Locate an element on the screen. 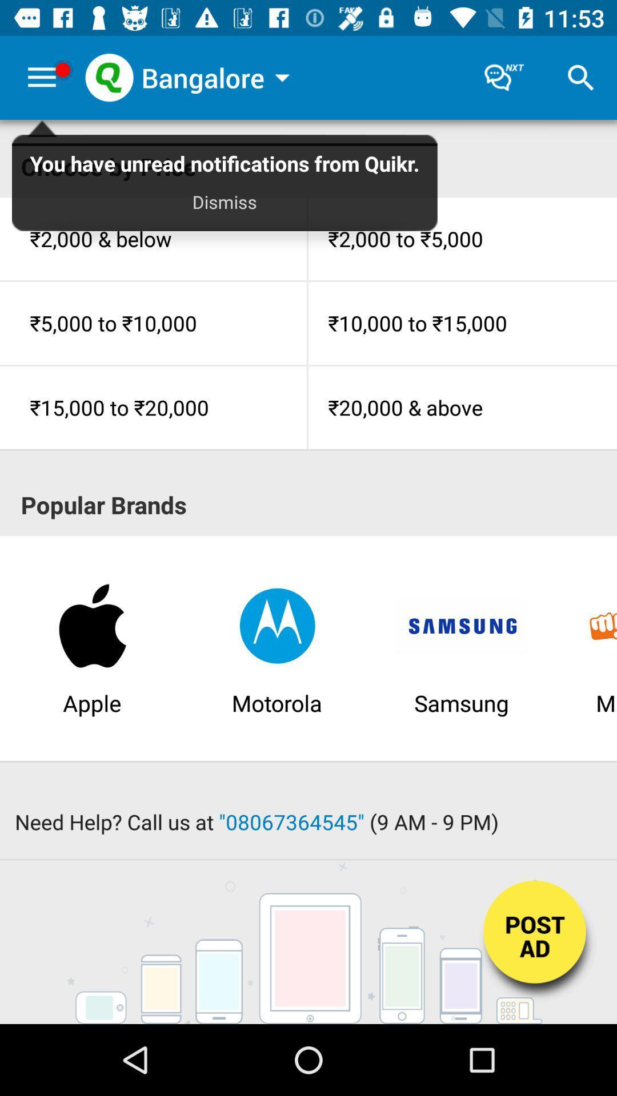 The image size is (617, 1096). post advertisement is located at coordinates (536, 943).